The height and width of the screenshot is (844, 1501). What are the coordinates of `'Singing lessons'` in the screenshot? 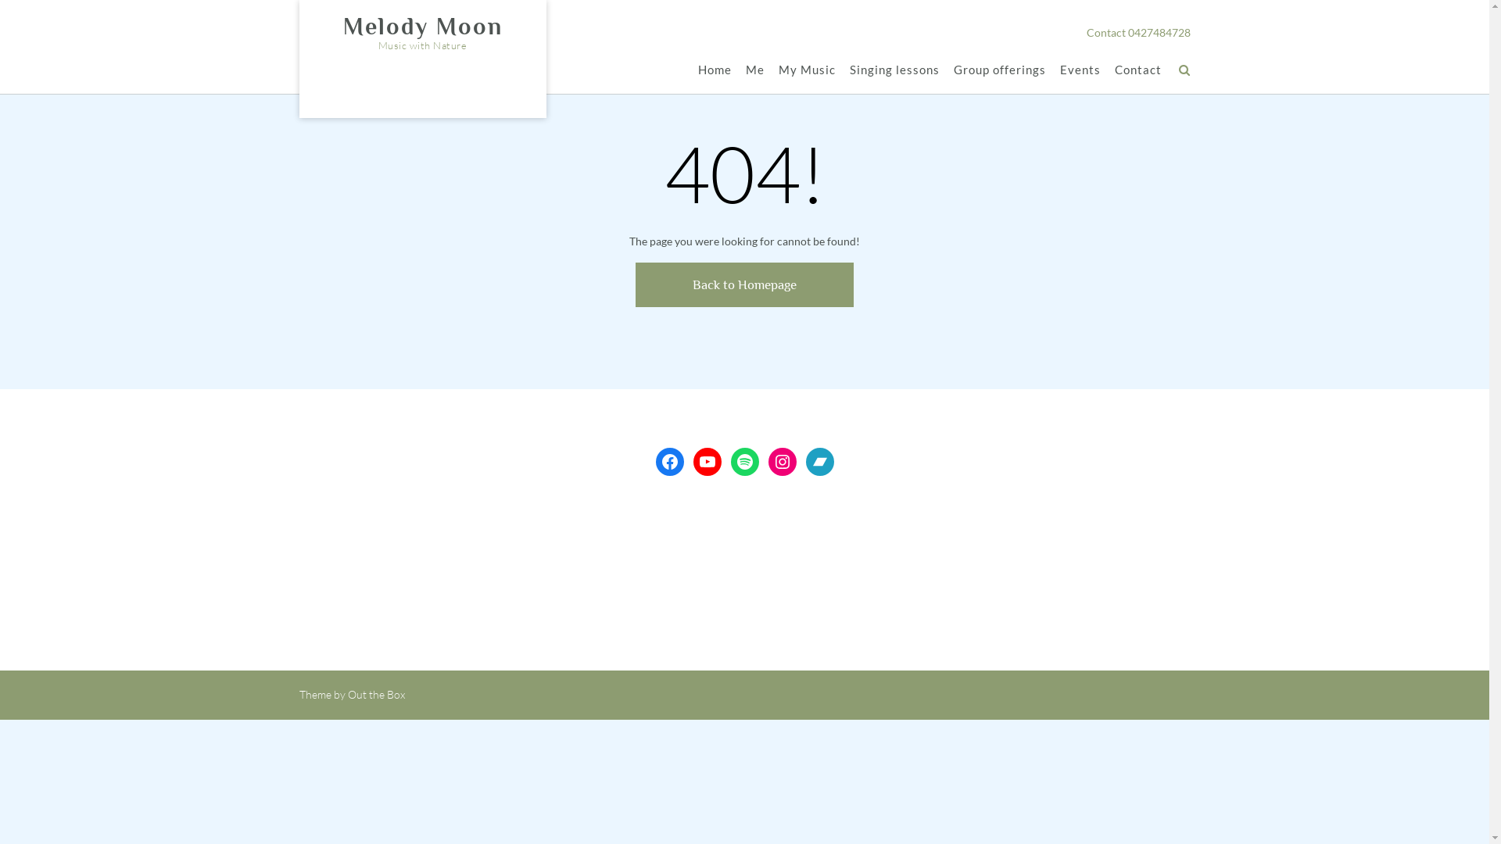 It's located at (894, 69).